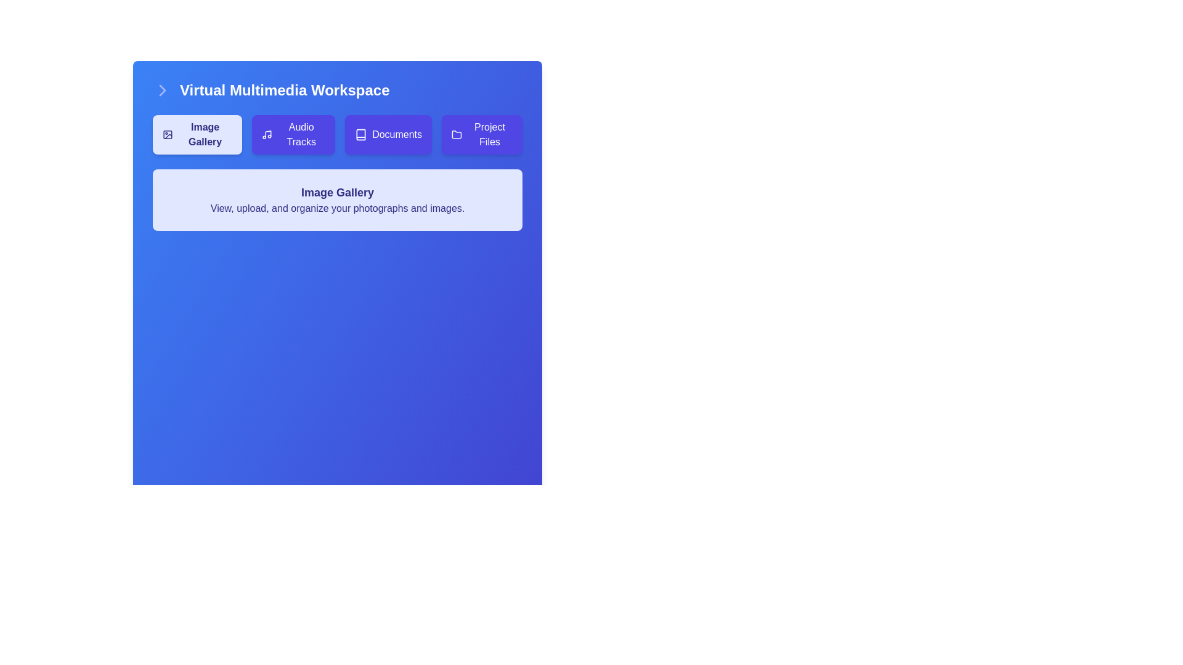  I want to click on the Text Label located at the top-left section of the main interface, which serves as a title or heading for the current workspace or application view, so click(284, 89).